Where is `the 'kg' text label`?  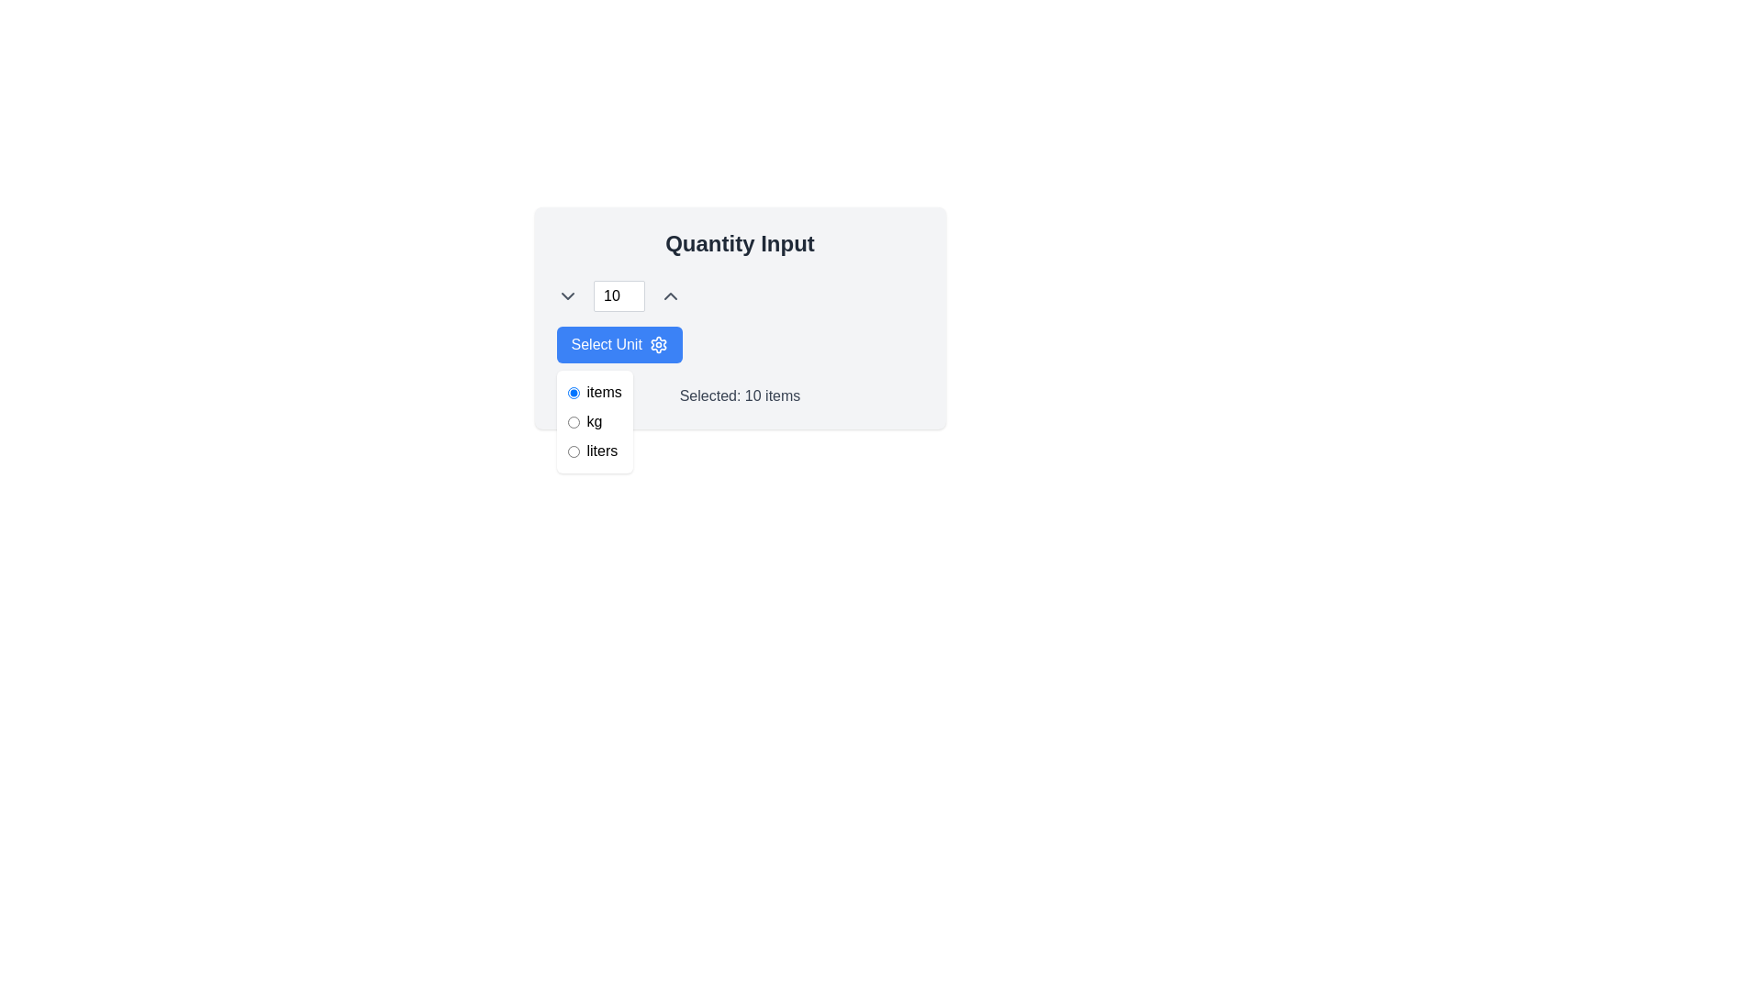
the 'kg' text label is located at coordinates (595, 421).